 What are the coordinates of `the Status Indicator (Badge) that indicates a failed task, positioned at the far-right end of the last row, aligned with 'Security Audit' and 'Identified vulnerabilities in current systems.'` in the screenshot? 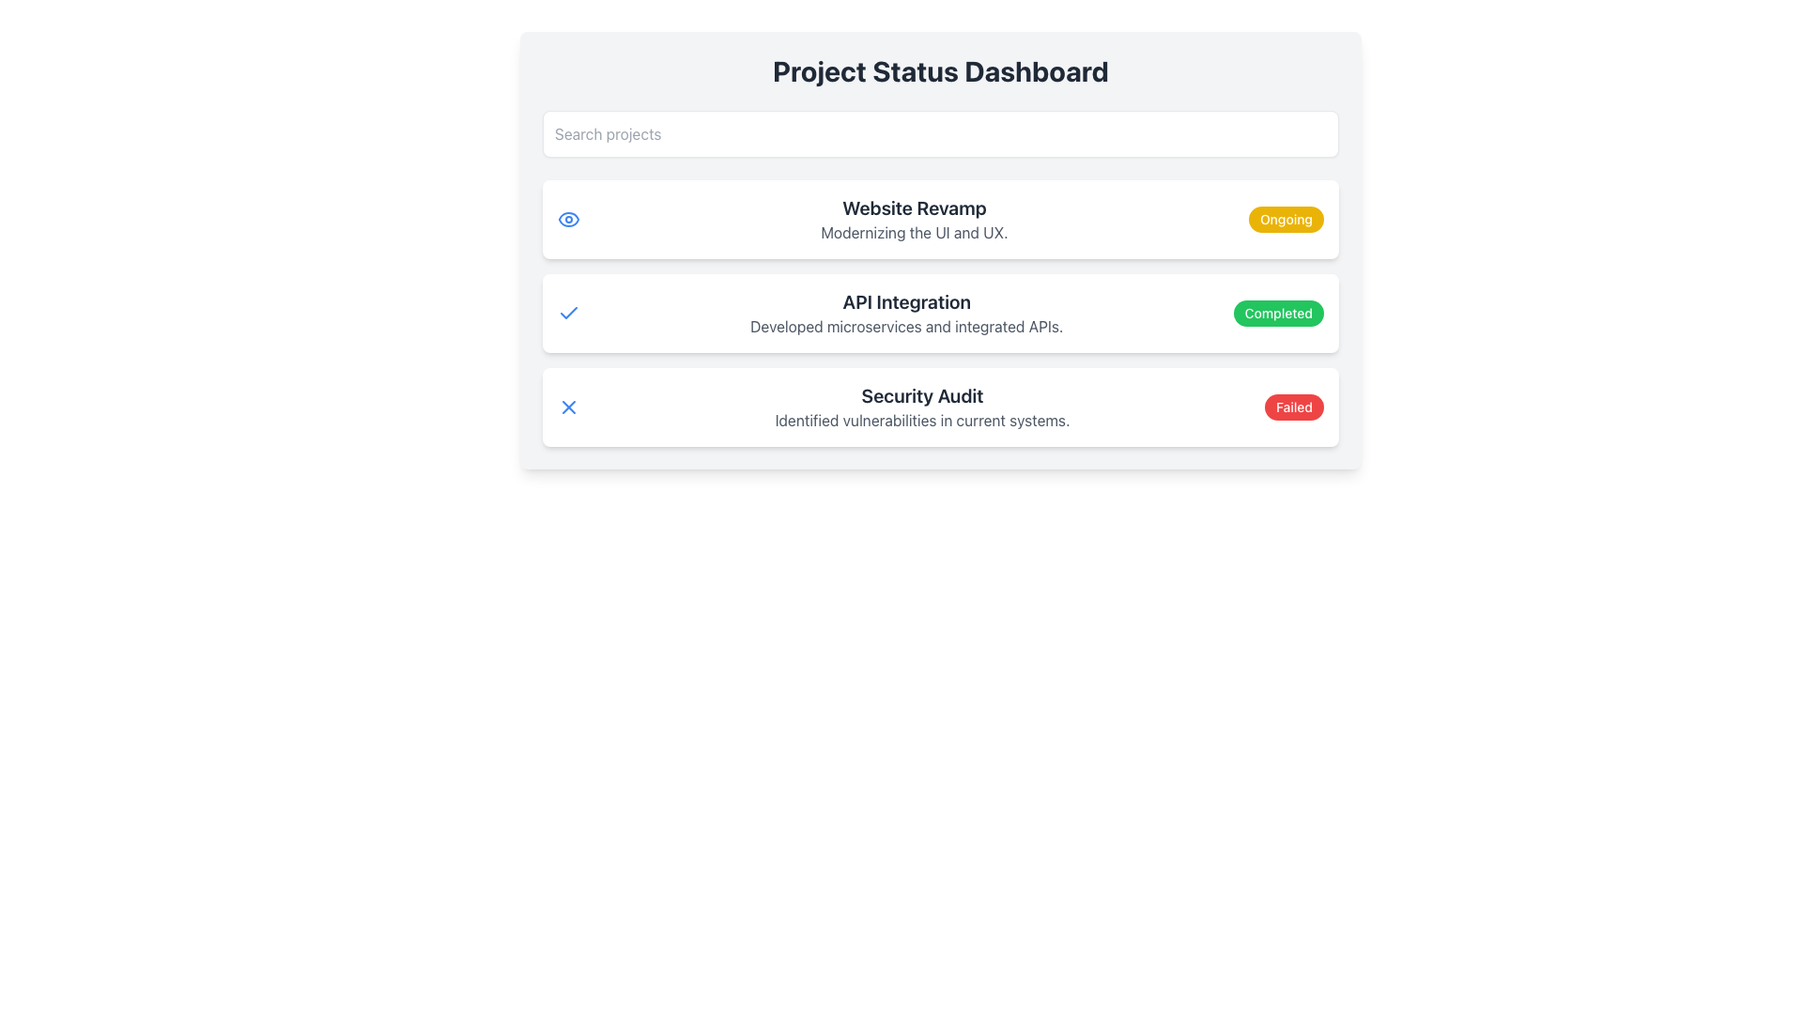 It's located at (1293, 407).